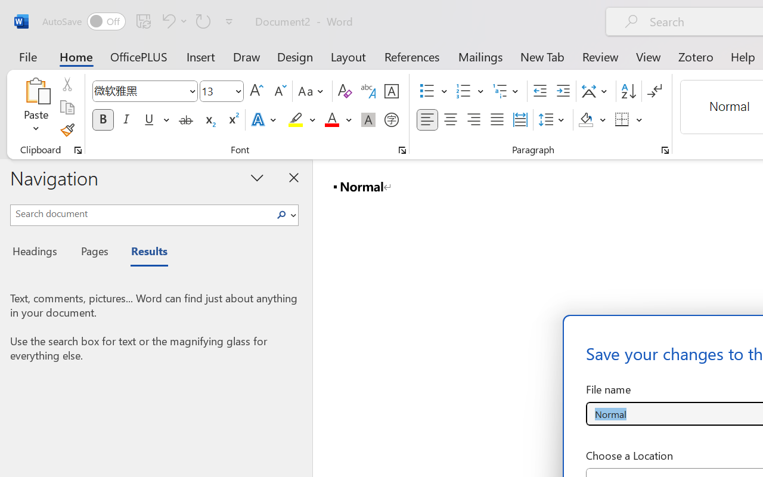 Image resolution: width=763 pixels, height=477 pixels. I want to click on 'Undo <ApplyStyleToDoc>b__0', so click(166, 20).